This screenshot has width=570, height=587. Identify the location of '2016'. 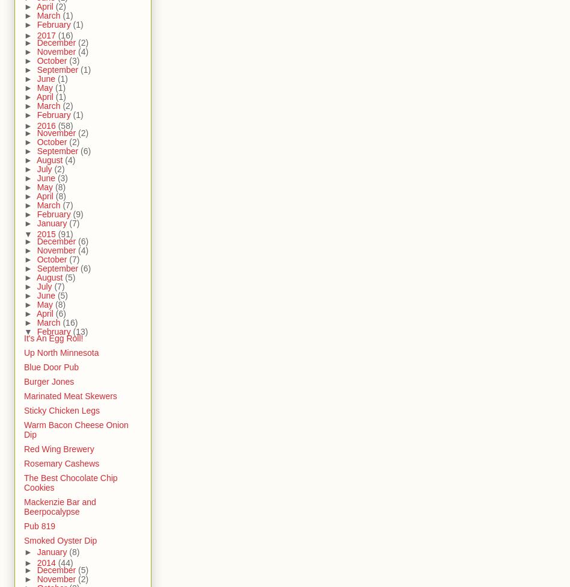
(47, 126).